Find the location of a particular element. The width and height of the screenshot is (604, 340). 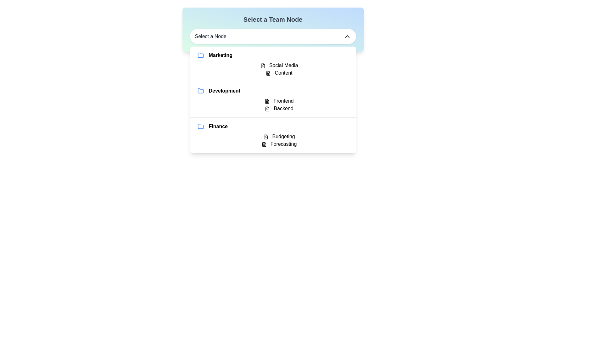

a specific option in the dropdown menu located below the 'Select a Team Node' label, which features sections like 'Marketing', 'Development', and 'Finance' is located at coordinates (273, 99).